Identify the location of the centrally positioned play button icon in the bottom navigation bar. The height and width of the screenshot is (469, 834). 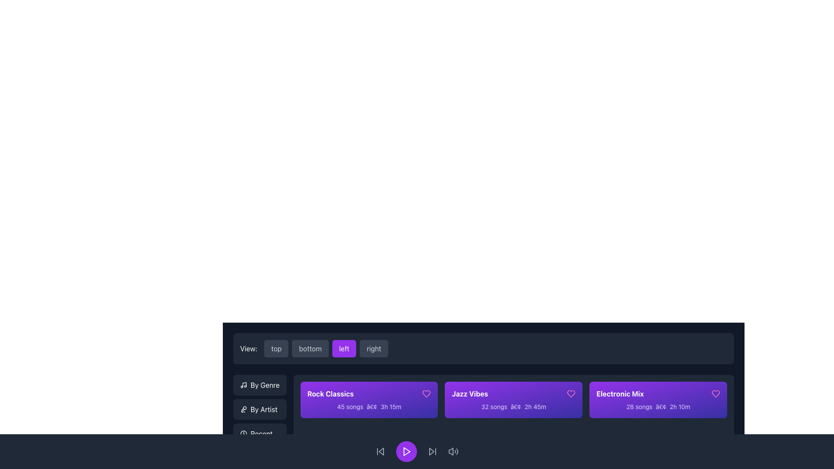
(406, 451).